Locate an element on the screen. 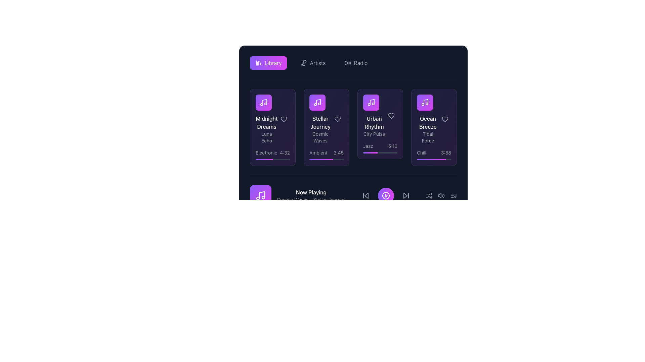 The height and width of the screenshot is (362, 645). the circular radio wave icon located in the application's navigation toolbar, which is the leftmost icon within the 'Radio' group is located at coordinates (348, 63).